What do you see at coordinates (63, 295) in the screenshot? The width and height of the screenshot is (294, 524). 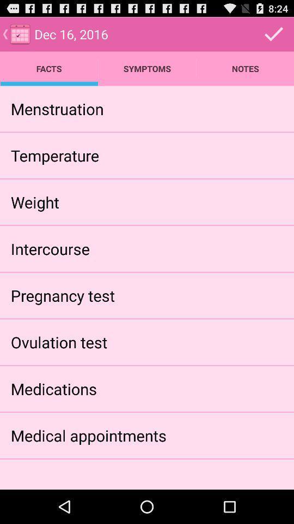 I see `icon below intercourse app` at bounding box center [63, 295].